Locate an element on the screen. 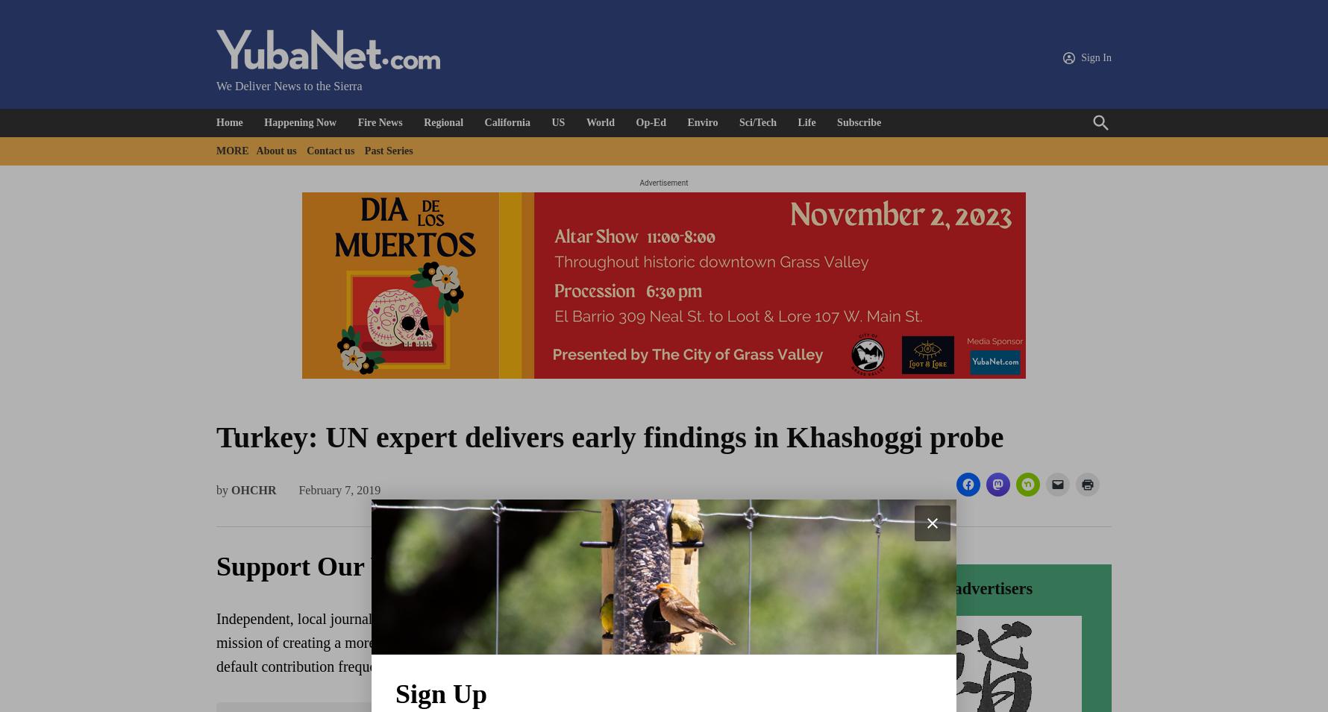 This screenshot has height=712, width=1328. 'OHCHR' is located at coordinates (253, 489).